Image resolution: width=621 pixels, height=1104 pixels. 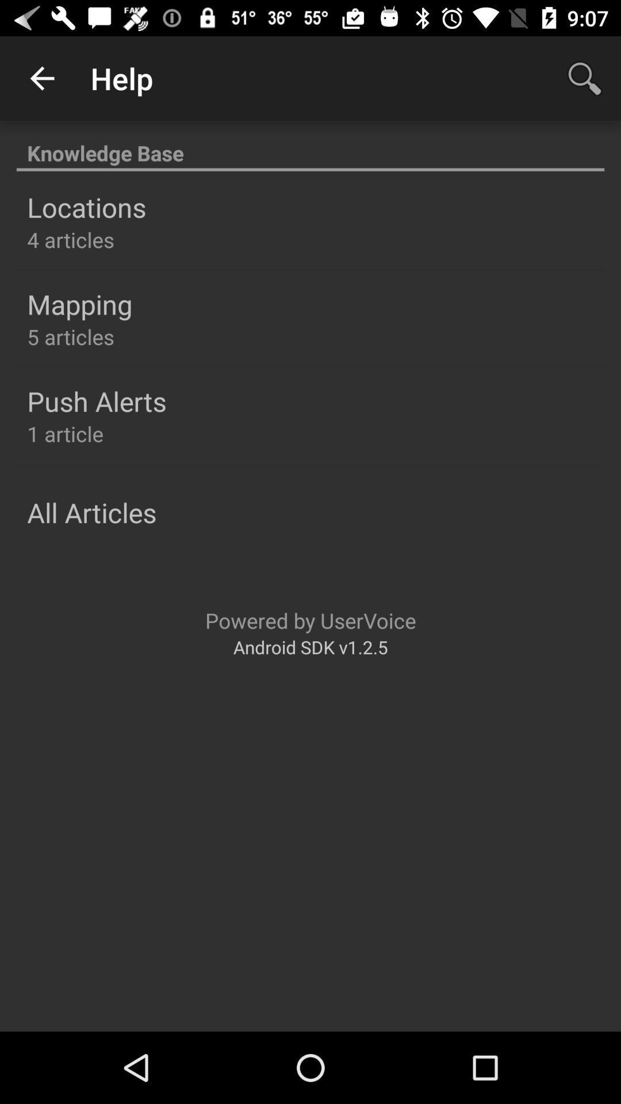 I want to click on icon below the knowledge base icon, so click(x=86, y=207).